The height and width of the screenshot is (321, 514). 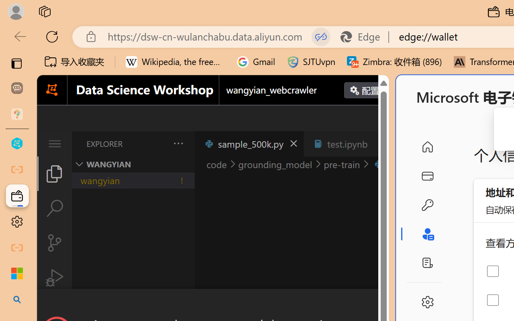 I want to click on 'Close Dialog', so click(x=385, y=303).